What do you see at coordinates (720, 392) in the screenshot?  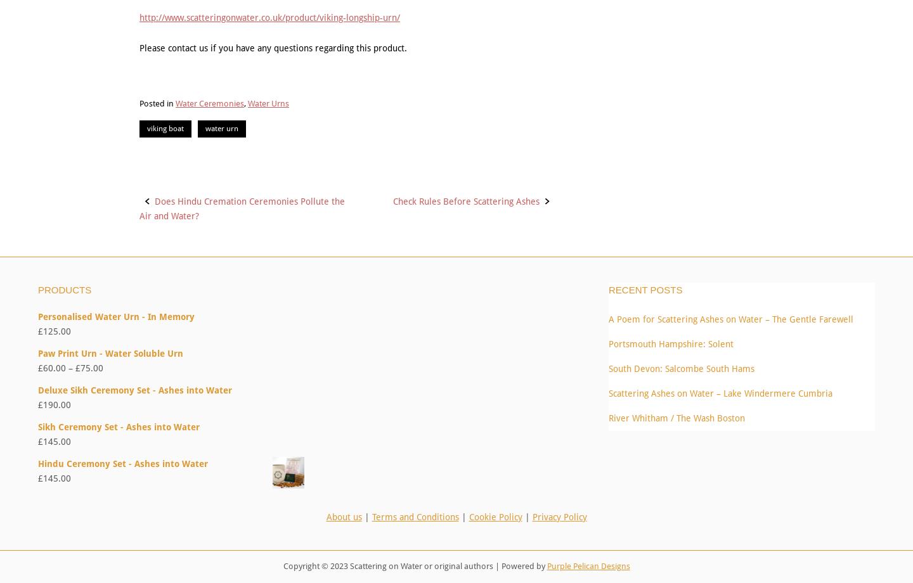 I see `'Scattering Ashes on Water – Lake Windermere Cumbria'` at bounding box center [720, 392].